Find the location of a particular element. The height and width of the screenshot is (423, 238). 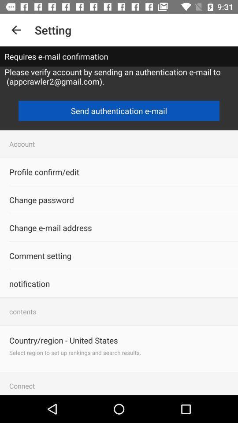

the blue color box is located at coordinates (119, 111).